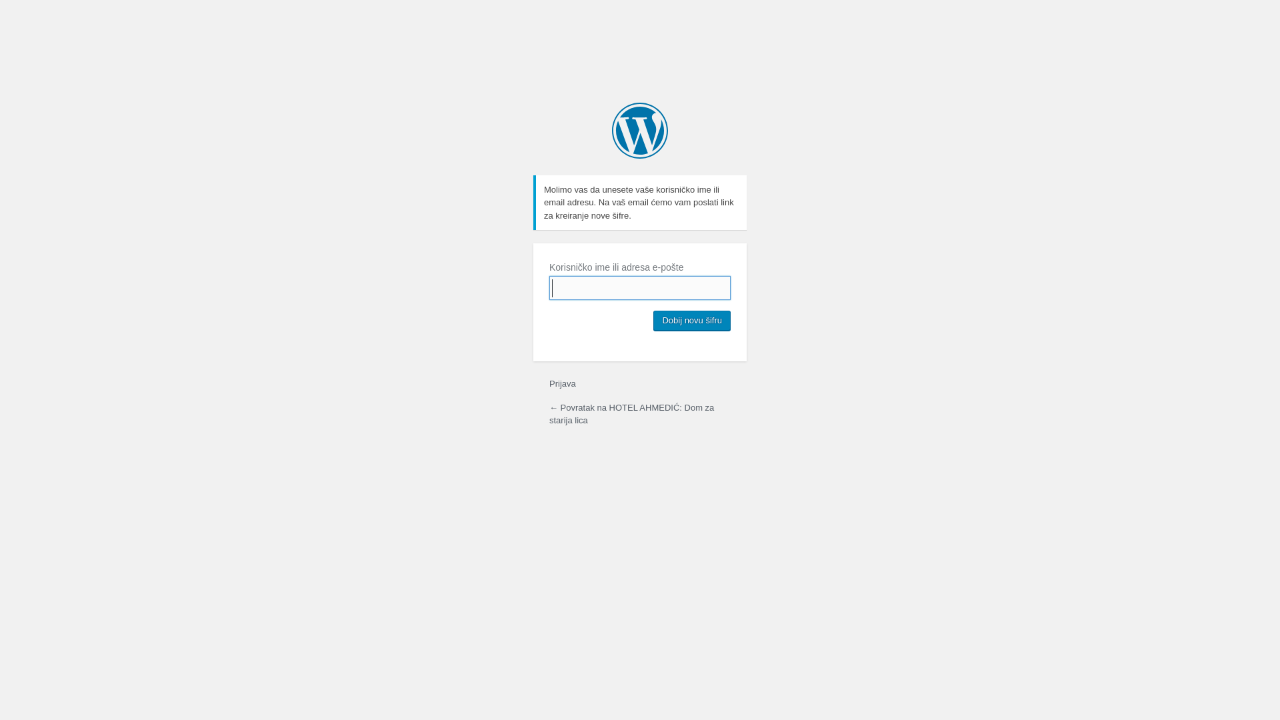 The height and width of the screenshot is (720, 1280). Describe the element at coordinates (563, 383) in the screenshot. I see `'Prijava'` at that location.